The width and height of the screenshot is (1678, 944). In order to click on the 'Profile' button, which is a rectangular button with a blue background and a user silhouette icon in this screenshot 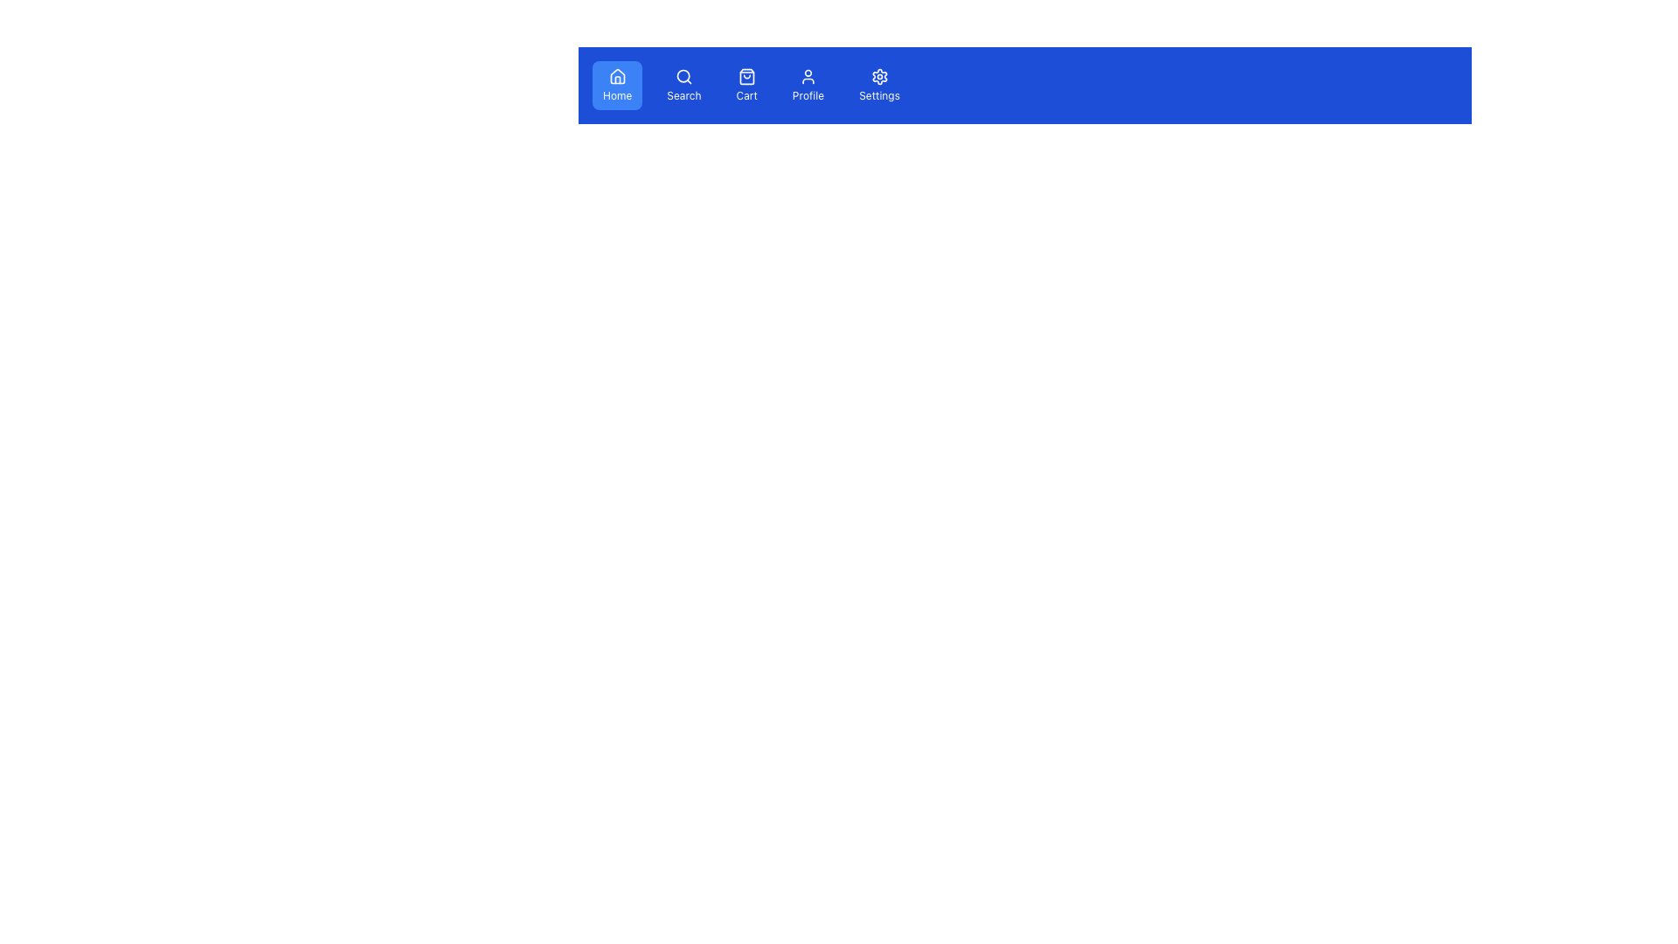, I will do `click(808, 85)`.